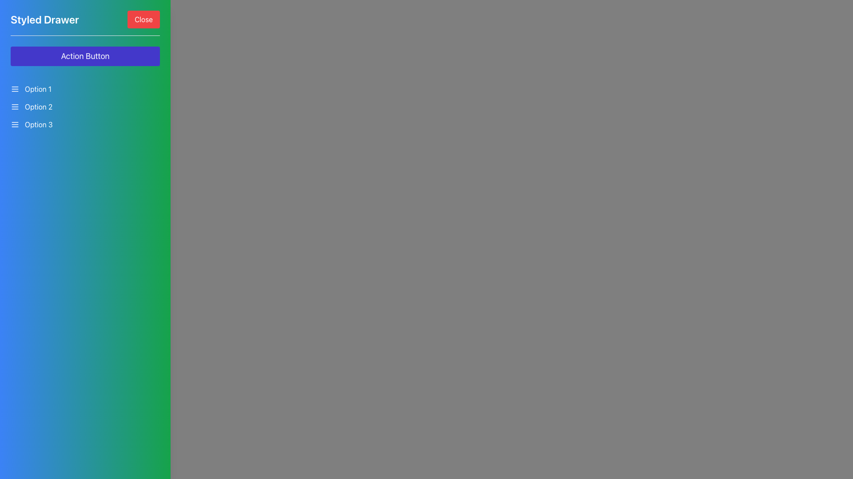 This screenshot has height=479, width=853. What do you see at coordinates (85, 56) in the screenshot?
I see `the button located below the 'Styled Drawer' header and above the options list` at bounding box center [85, 56].